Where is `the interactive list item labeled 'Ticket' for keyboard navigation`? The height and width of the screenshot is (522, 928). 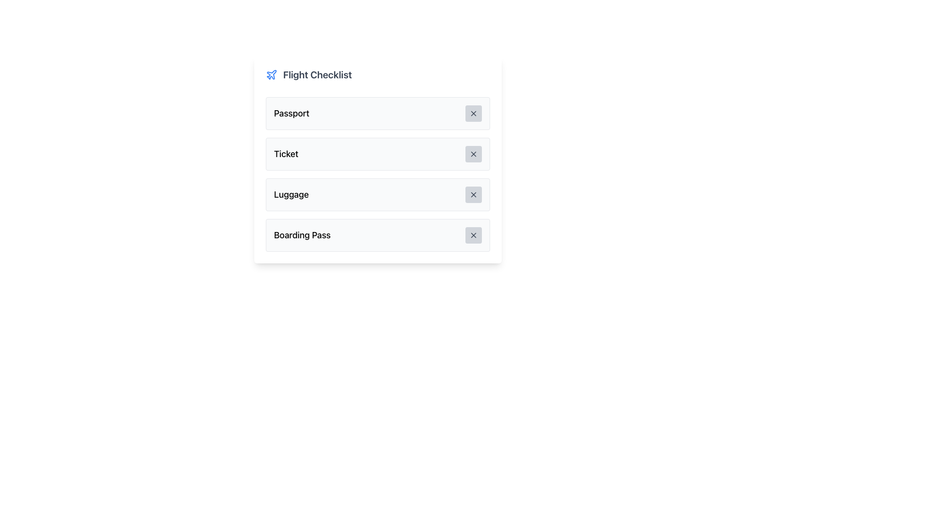
the interactive list item labeled 'Ticket' for keyboard navigation is located at coordinates (377, 159).